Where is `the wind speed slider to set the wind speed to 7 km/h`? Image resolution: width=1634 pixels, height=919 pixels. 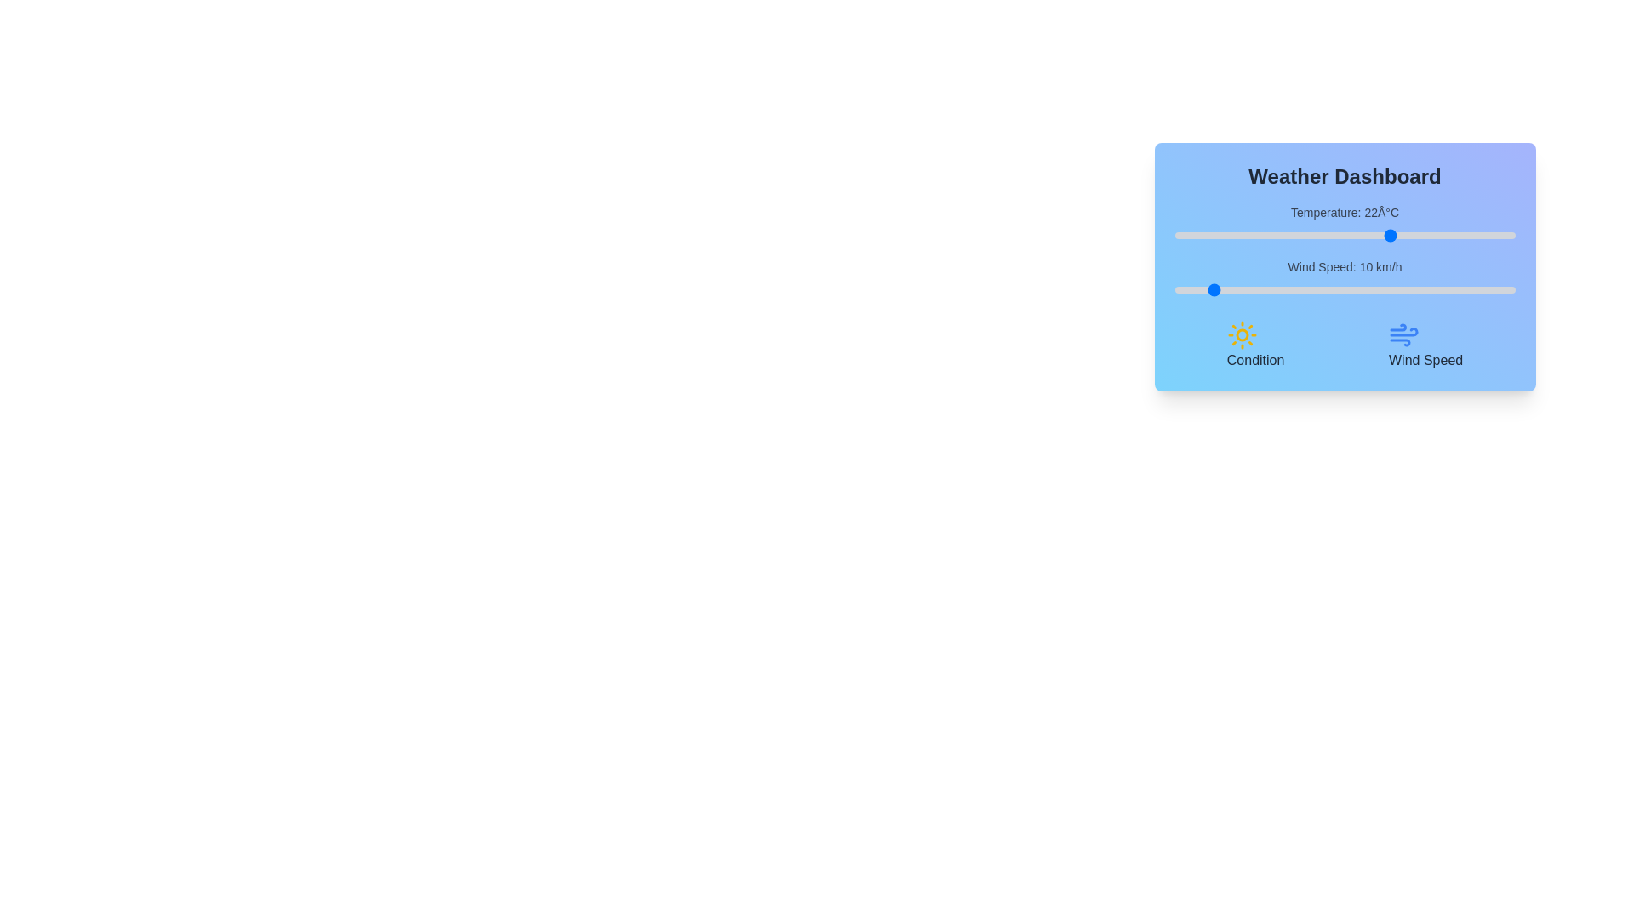 the wind speed slider to set the wind speed to 7 km/h is located at coordinates (1197, 288).